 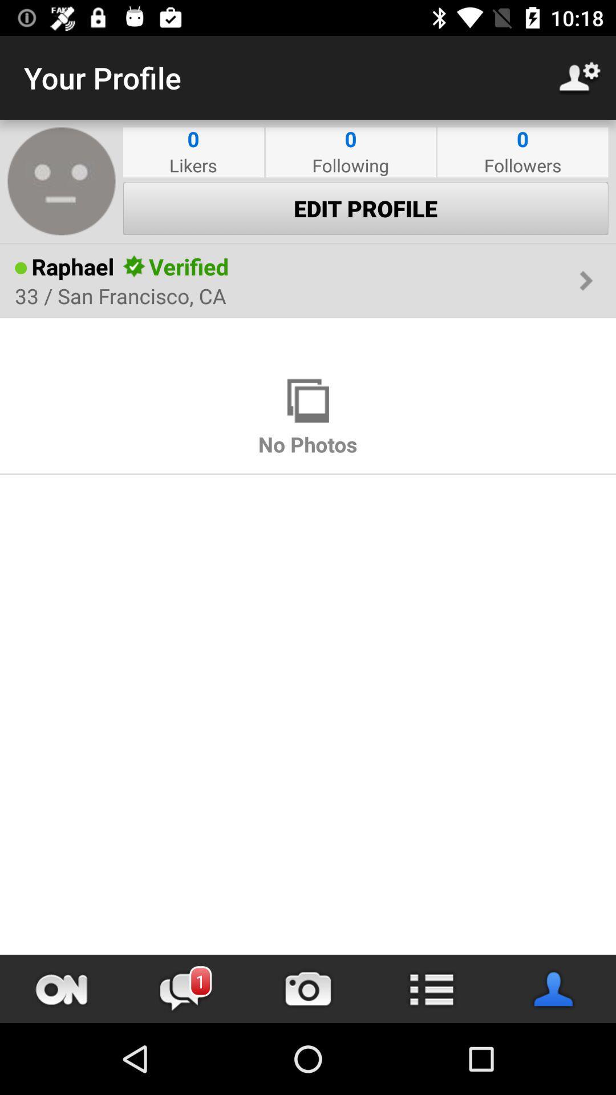 I want to click on the icon above raphael item, so click(x=308, y=243).